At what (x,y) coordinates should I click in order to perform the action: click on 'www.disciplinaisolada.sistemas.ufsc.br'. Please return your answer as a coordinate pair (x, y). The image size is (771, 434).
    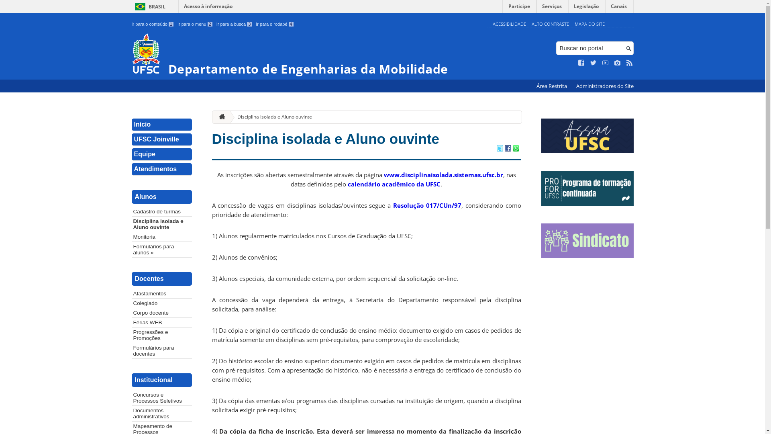
    Looking at the image, I should click on (443, 174).